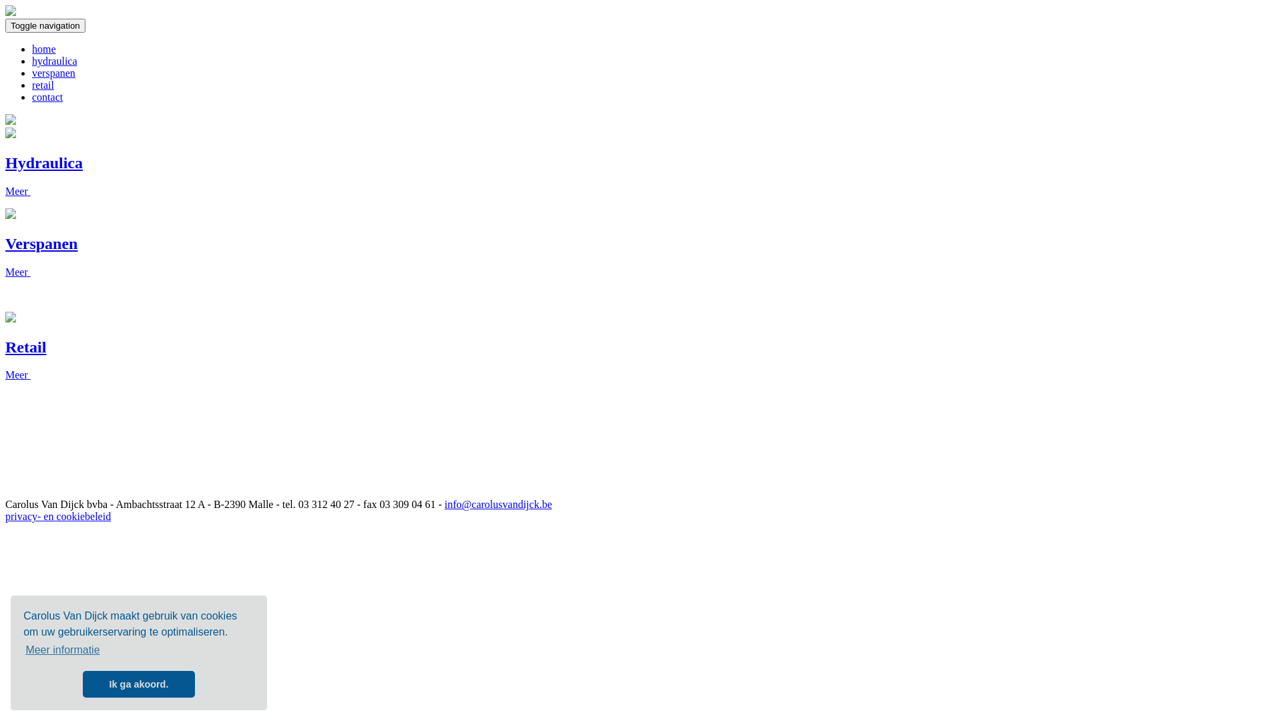 The width and height of the screenshot is (1282, 721). I want to click on 'retail', so click(43, 85).